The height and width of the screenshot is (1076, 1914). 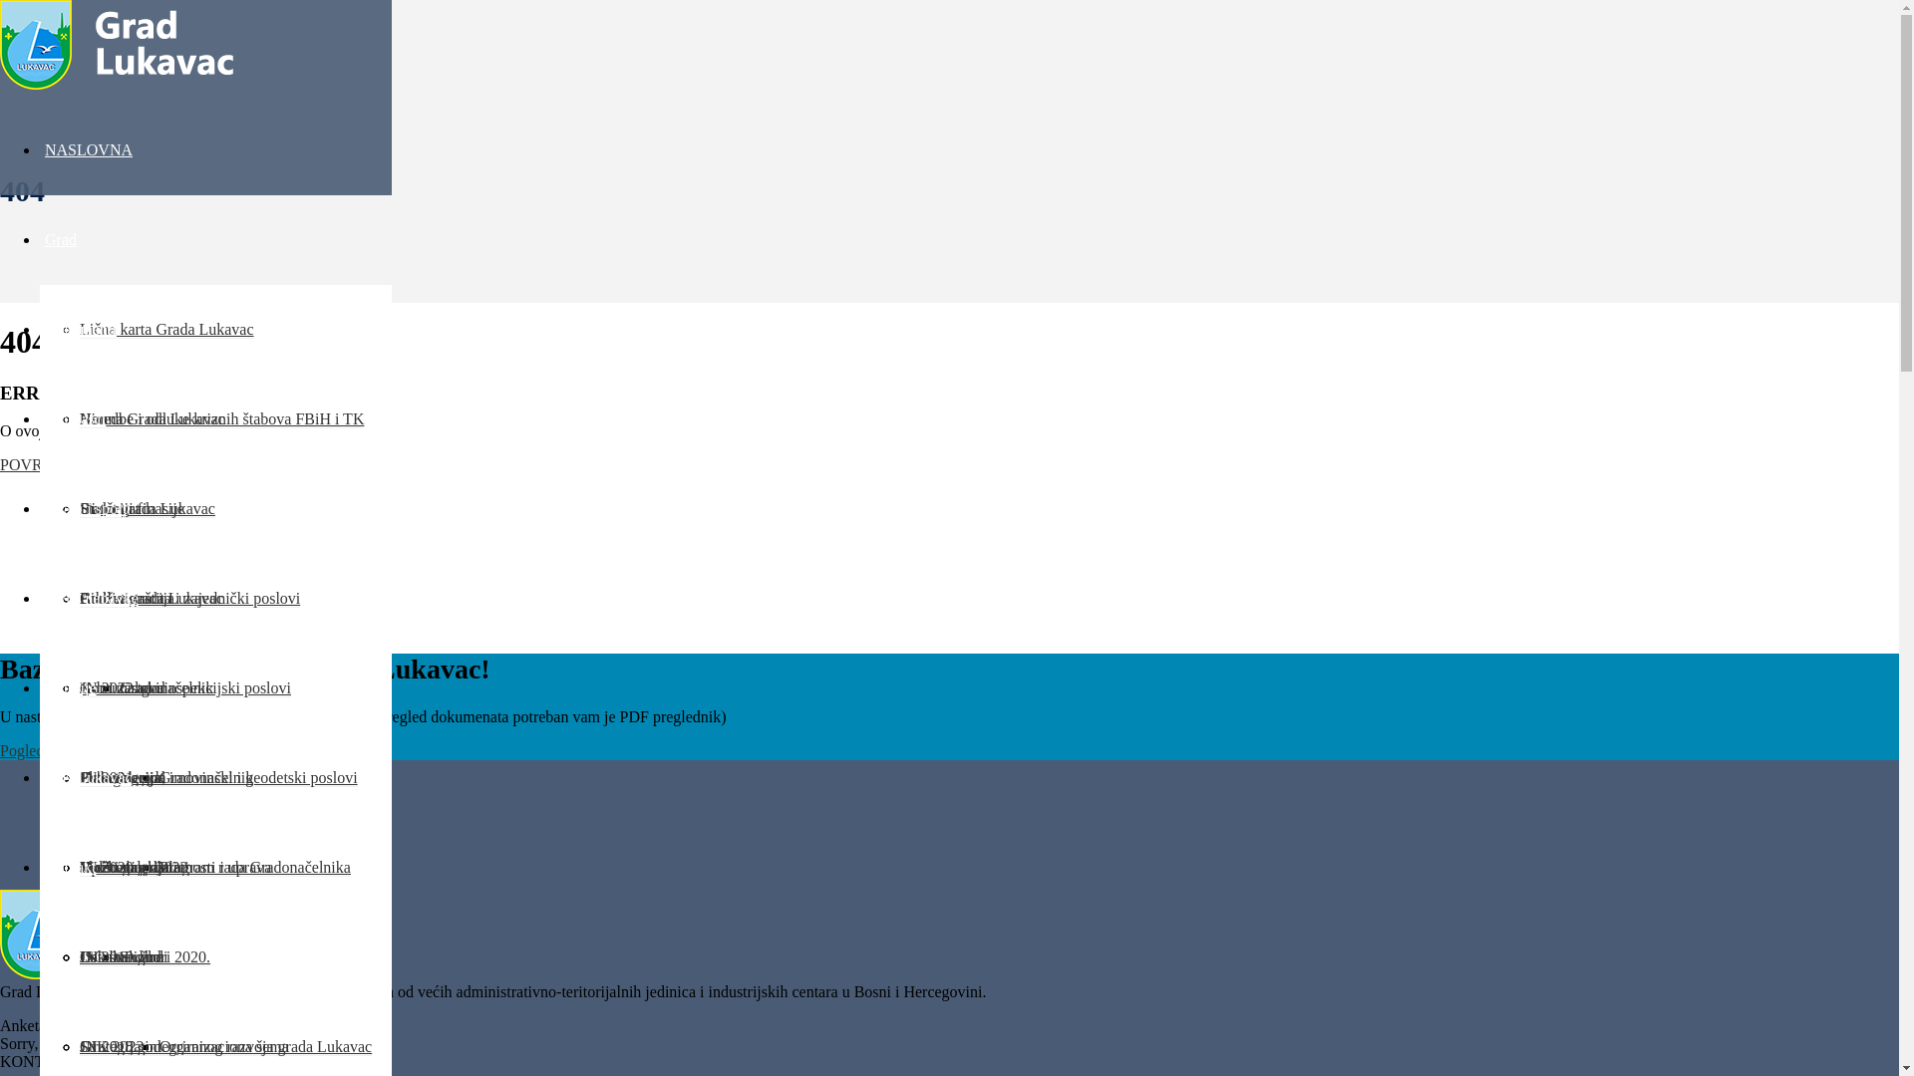 What do you see at coordinates (147, 507) in the screenshot?
I see `'Statut grada Lukavac'` at bounding box center [147, 507].